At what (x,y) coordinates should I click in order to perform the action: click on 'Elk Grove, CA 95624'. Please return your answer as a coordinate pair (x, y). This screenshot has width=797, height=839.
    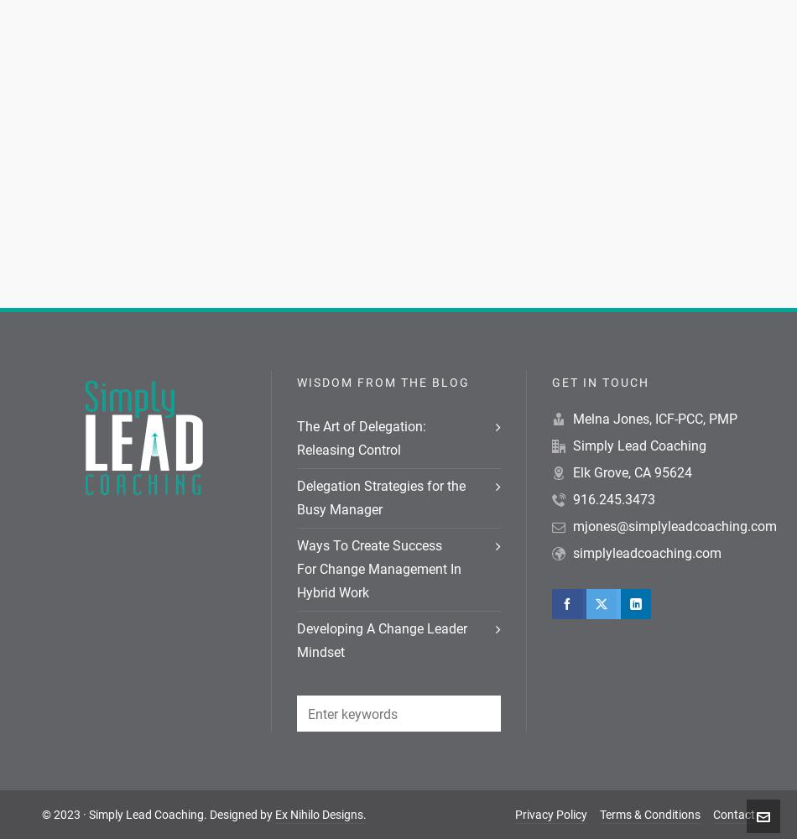
    Looking at the image, I should click on (630, 472).